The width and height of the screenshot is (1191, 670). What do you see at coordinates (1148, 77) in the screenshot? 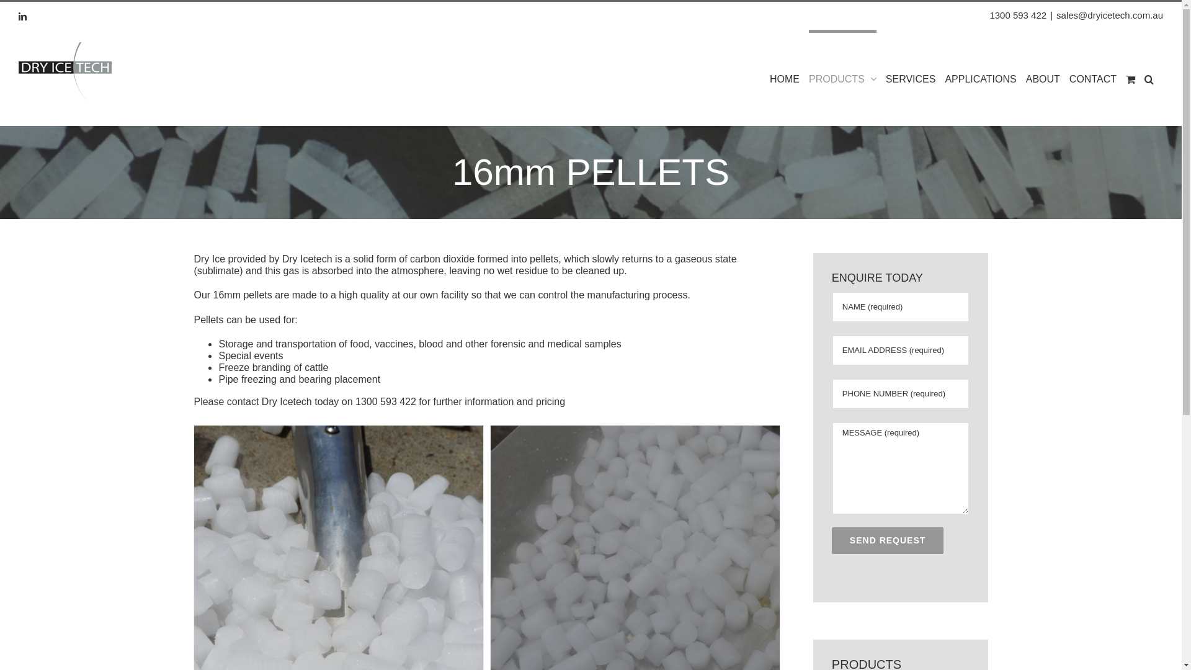
I see `'Search'` at bounding box center [1148, 77].